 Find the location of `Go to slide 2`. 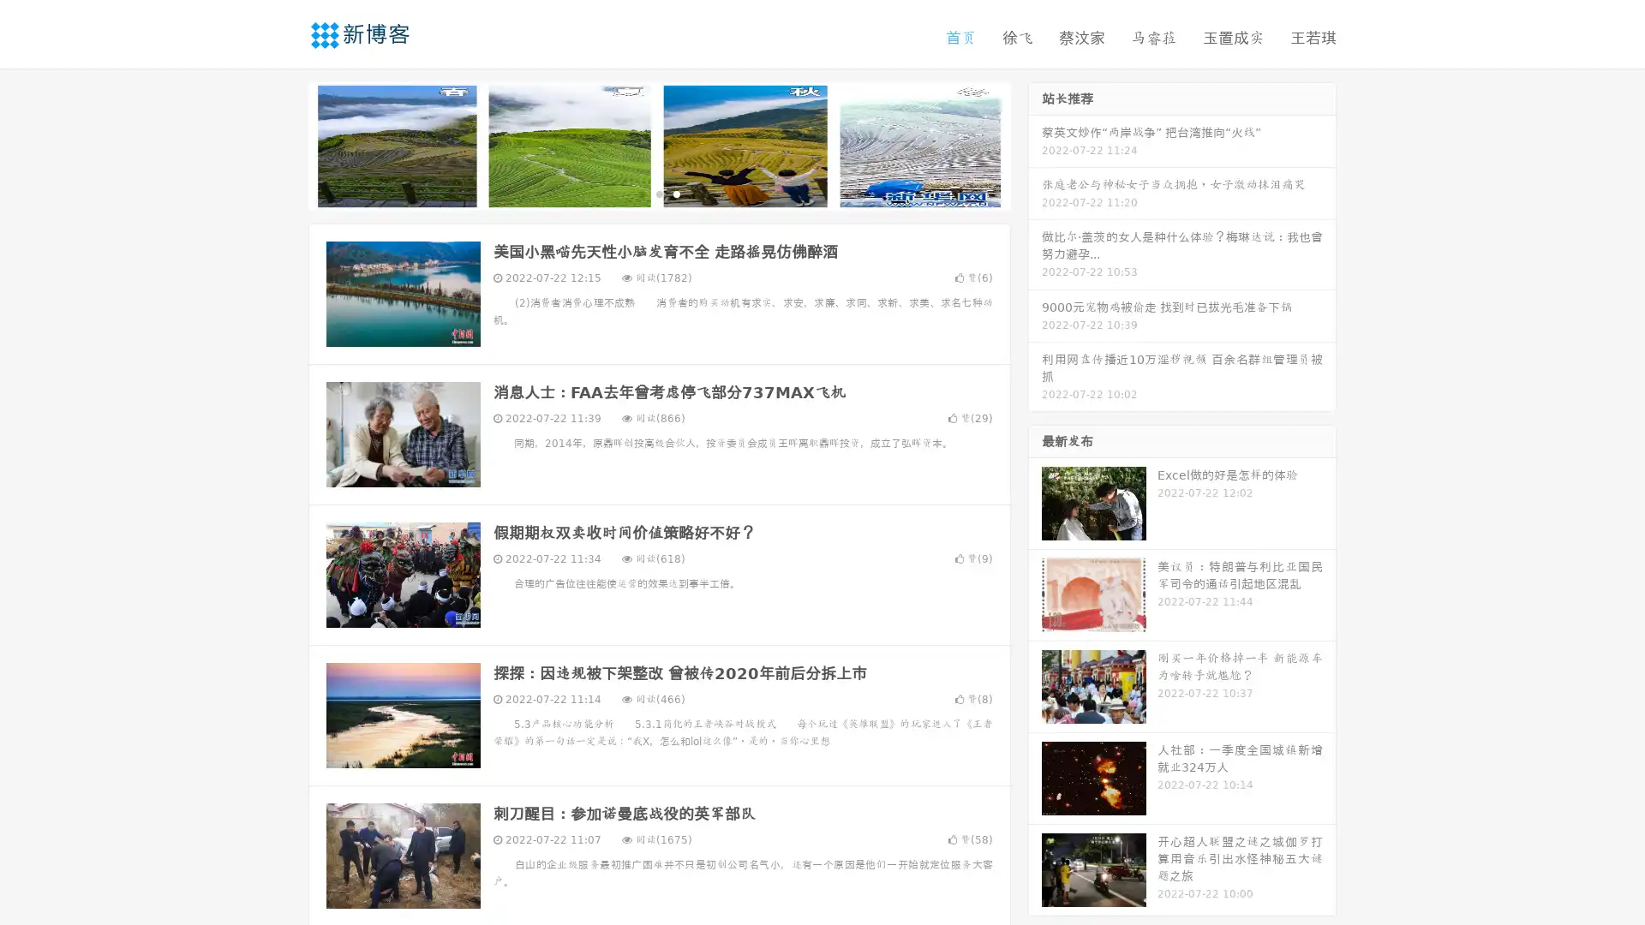

Go to slide 2 is located at coordinates (658, 193).